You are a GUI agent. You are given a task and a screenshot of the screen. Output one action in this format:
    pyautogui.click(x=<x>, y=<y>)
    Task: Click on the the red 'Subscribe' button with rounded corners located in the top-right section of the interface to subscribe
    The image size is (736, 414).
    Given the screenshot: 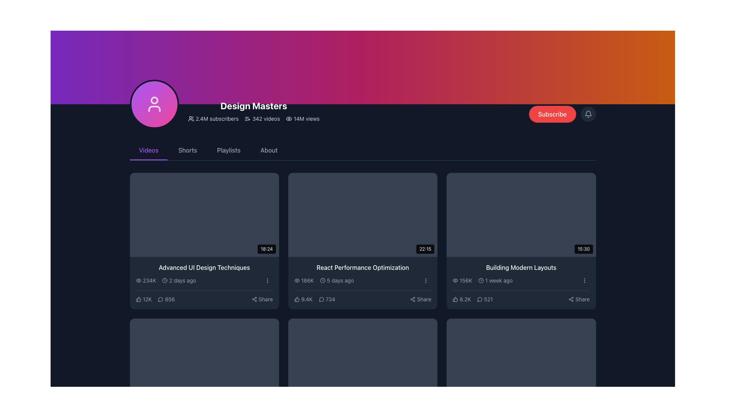 What is the action you would take?
    pyautogui.click(x=562, y=114)
    